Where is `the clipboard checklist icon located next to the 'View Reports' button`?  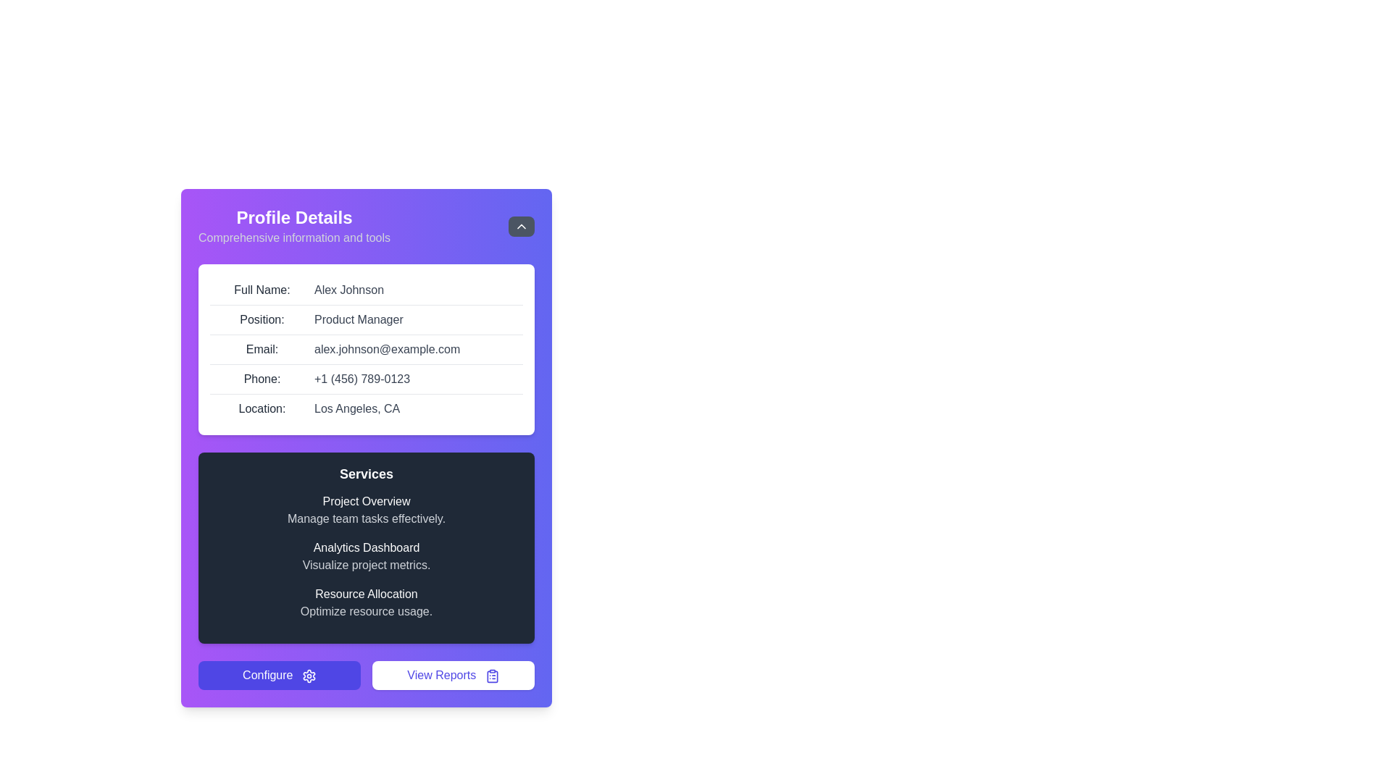 the clipboard checklist icon located next to the 'View Reports' button is located at coordinates (492, 676).